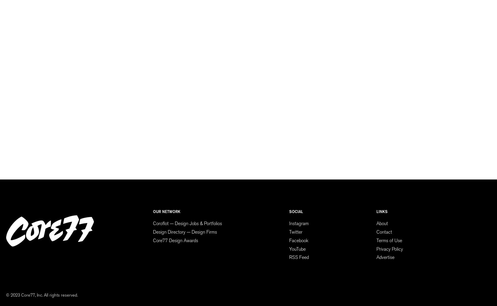 The image size is (497, 306). Describe the element at coordinates (6, 295) in the screenshot. I see `'© 2023 Core77, Inc. All rights reserved.'` at that location.